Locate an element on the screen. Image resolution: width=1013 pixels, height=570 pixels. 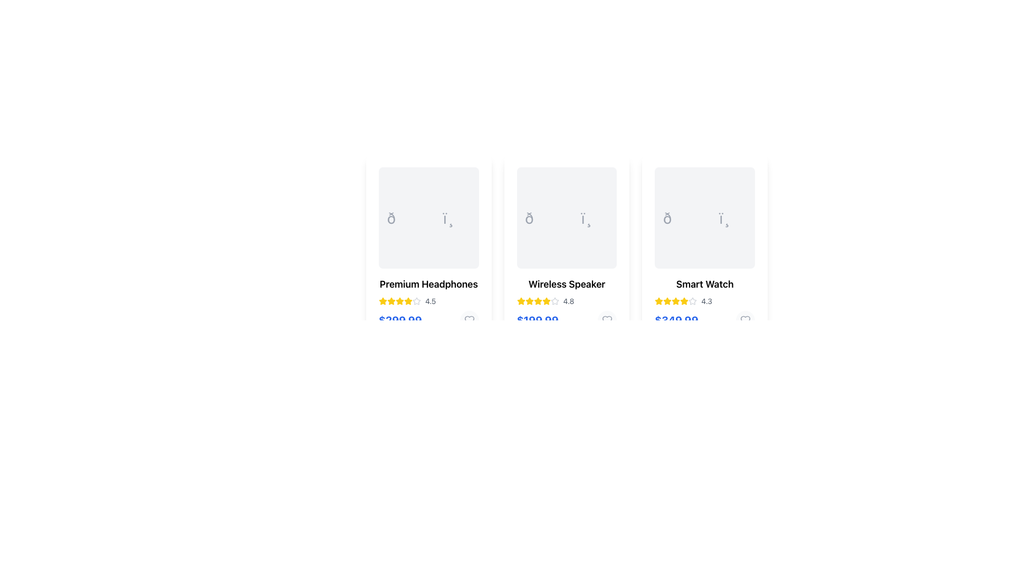
the text displaying the numerical representation of the rating value '4.3', which is located directly to the right of the last star icon in the product listing card is located at coordinates (706, 301).